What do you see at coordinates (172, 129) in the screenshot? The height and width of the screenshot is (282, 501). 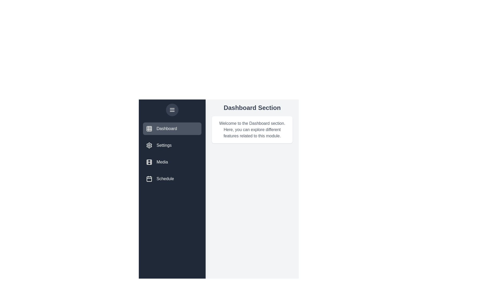 I see `the menu item Dashboard` at bounding box center [172, 129].